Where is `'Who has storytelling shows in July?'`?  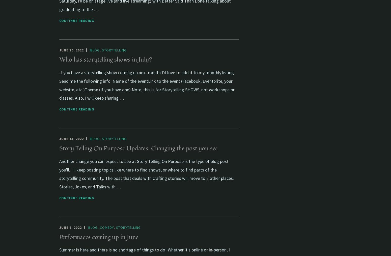 'Who has storytelling shows in July?' is located at coordinates (105, 60).